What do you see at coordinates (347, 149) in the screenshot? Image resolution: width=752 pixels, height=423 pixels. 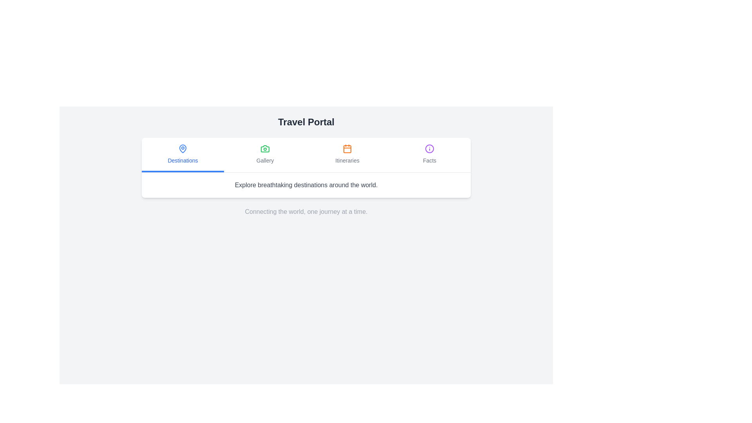 I see `the SVG rectangle element that forms the body of the calendar-shaped icon for 'Itineraries', which has slightly rounded corners and an orange hue` at bounding box center [347, 149].